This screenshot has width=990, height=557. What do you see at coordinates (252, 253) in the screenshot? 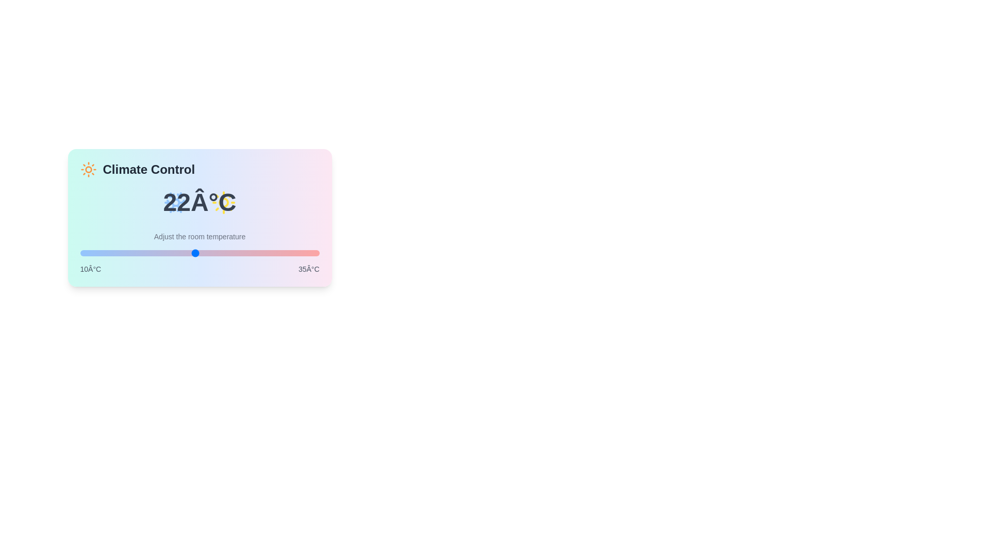
I see `the temperature slider to 28 degrees Celsius` at bounding box center [252, 253].